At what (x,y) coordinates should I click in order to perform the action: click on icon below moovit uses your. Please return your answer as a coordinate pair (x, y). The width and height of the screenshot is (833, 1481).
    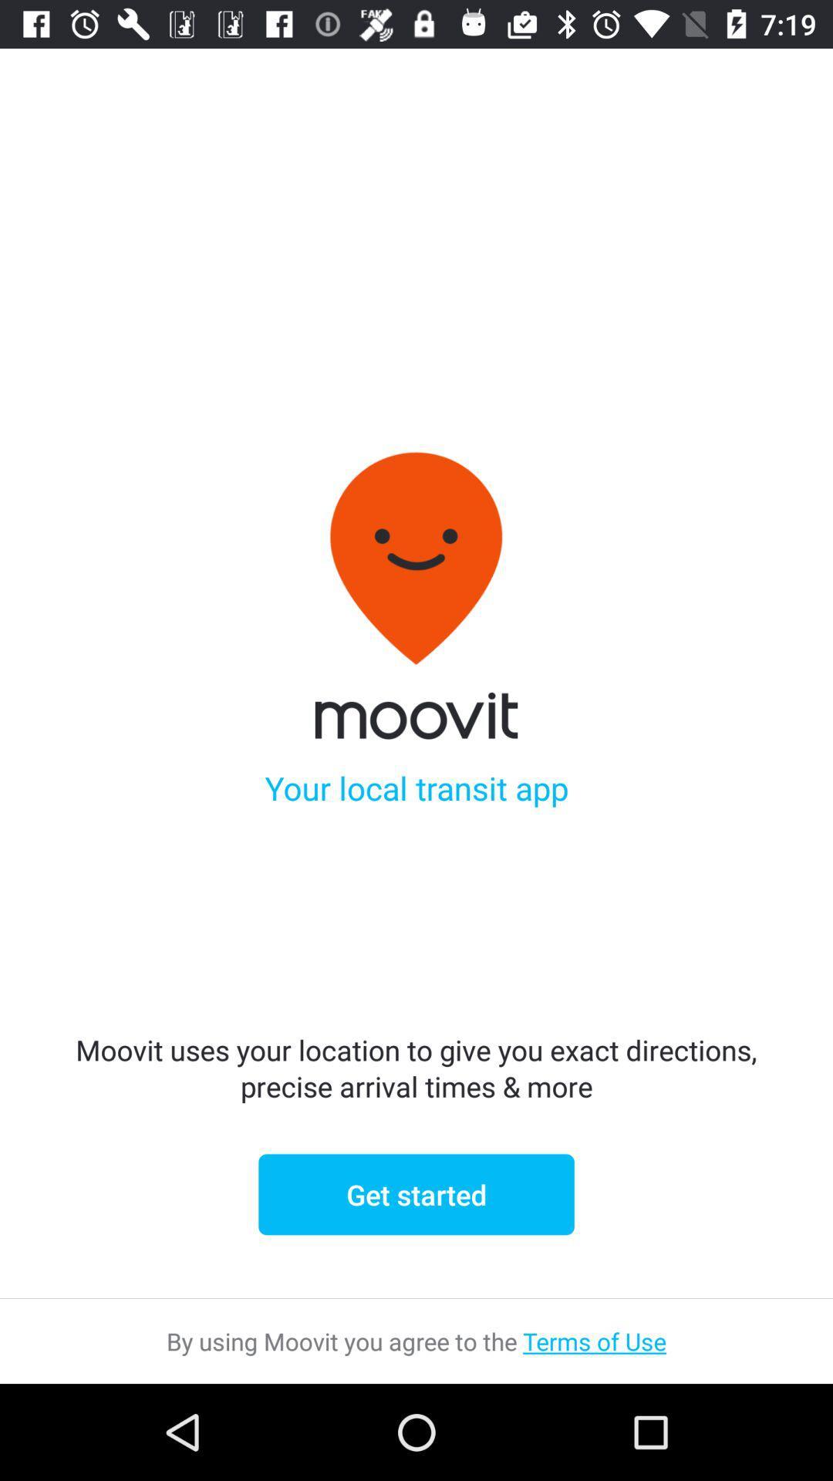
    Looking at the image, I should click on (416, 1193).